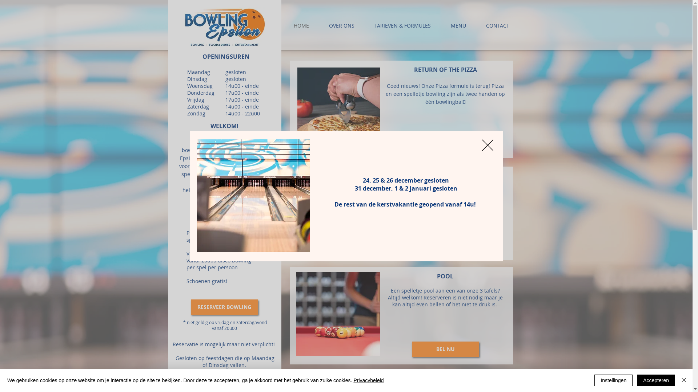  Describe the element at coordinates (445, 348) in the screenshot. I see `'BEL NU'` at that location.